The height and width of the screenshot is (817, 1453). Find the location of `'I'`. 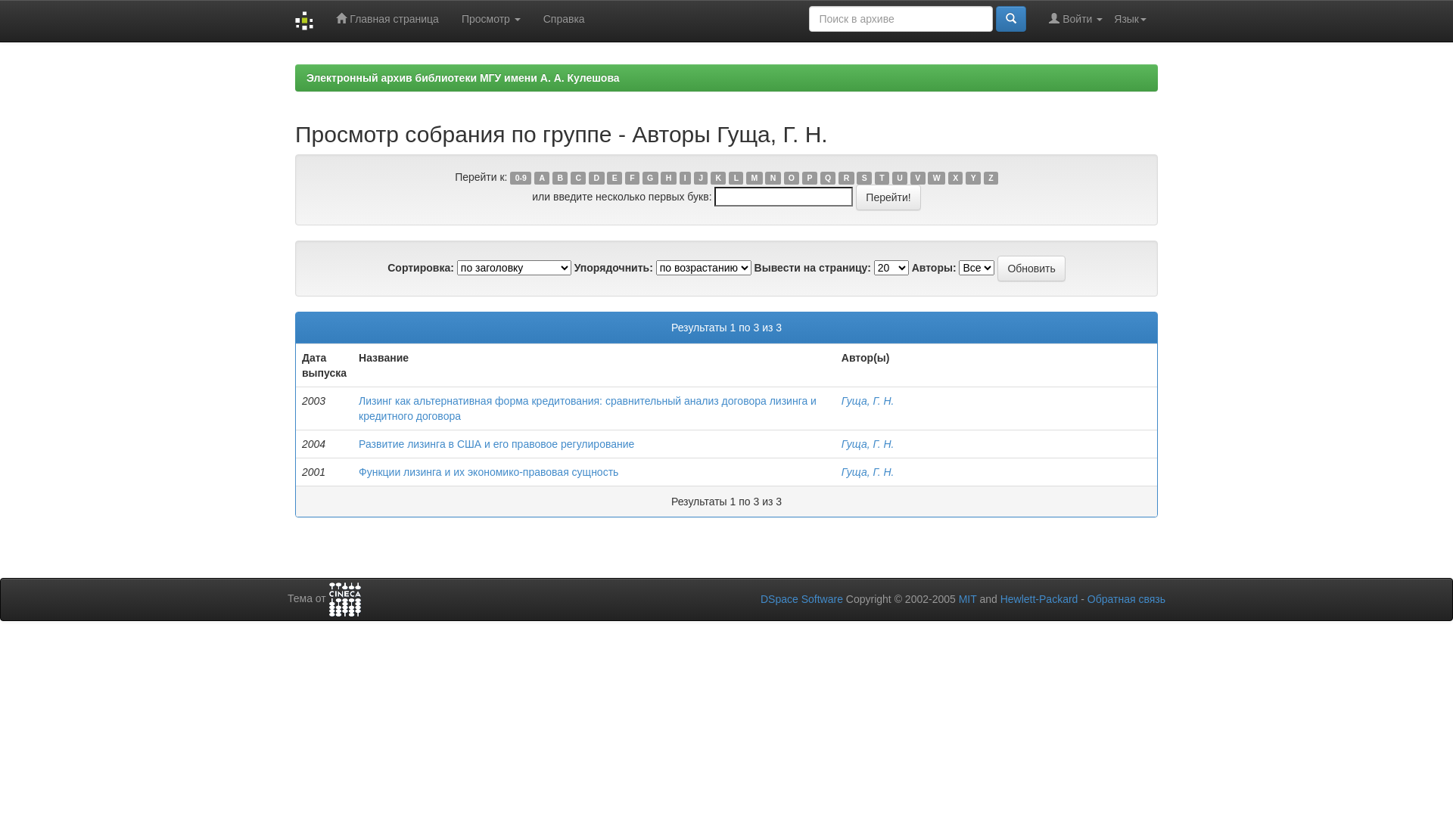

'I' is located at coordinates (685, 177).